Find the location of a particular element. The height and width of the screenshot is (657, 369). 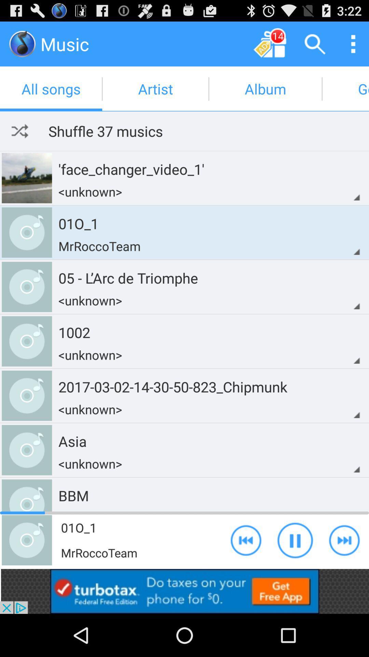

the av_rewind icon is located at coordinates (246, 578).